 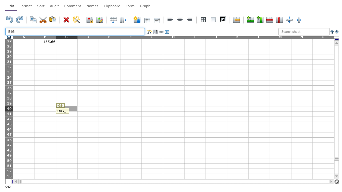 What do you see at coordinates (88, 176) in the screenshot?
I see `Activate cell D53` at bounding box center [88, 176].